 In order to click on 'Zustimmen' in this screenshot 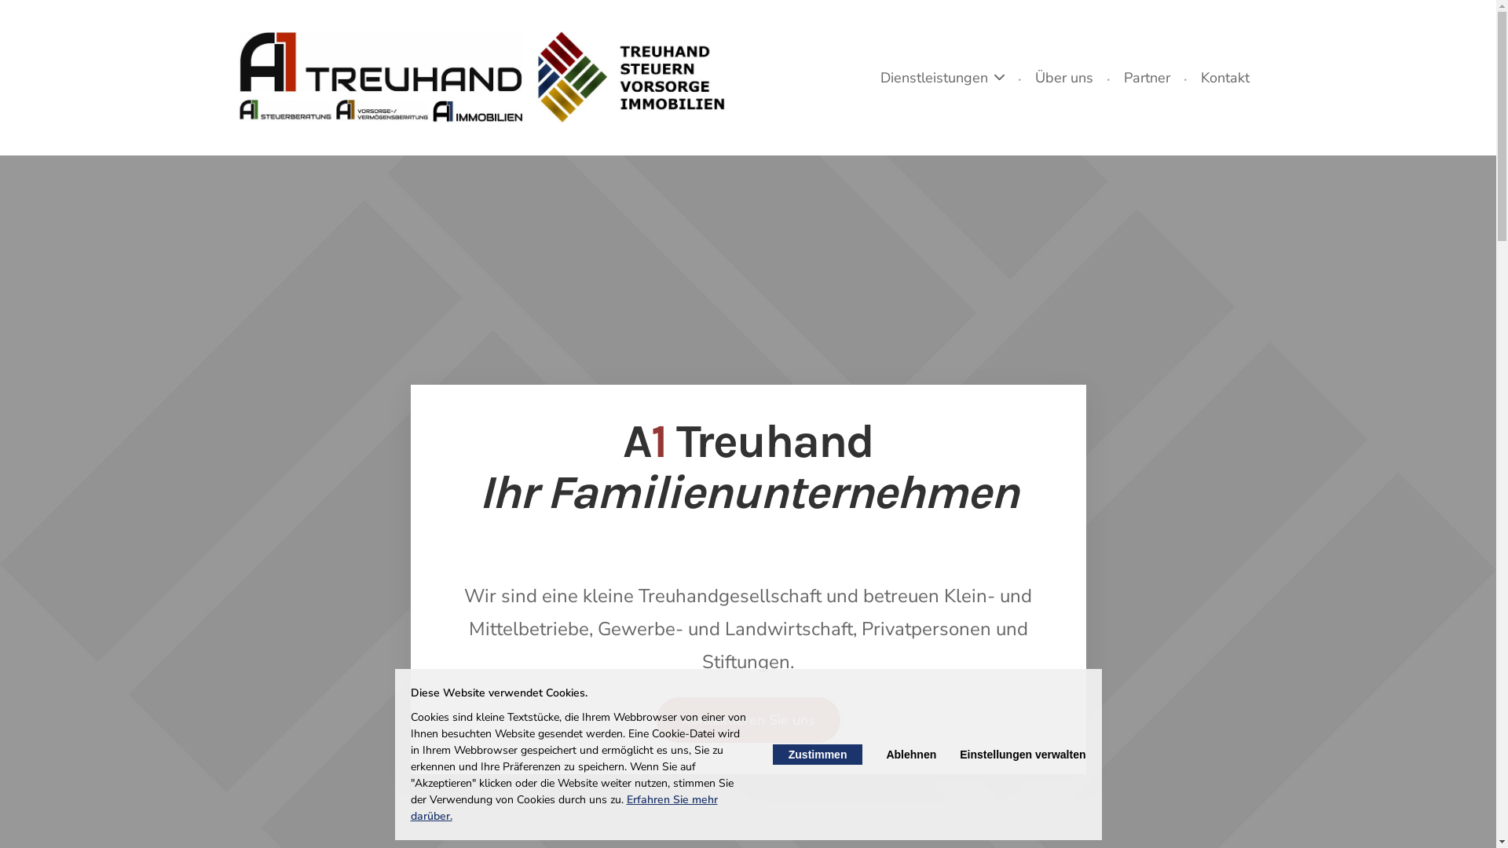, I will do `click(772, 753)`.